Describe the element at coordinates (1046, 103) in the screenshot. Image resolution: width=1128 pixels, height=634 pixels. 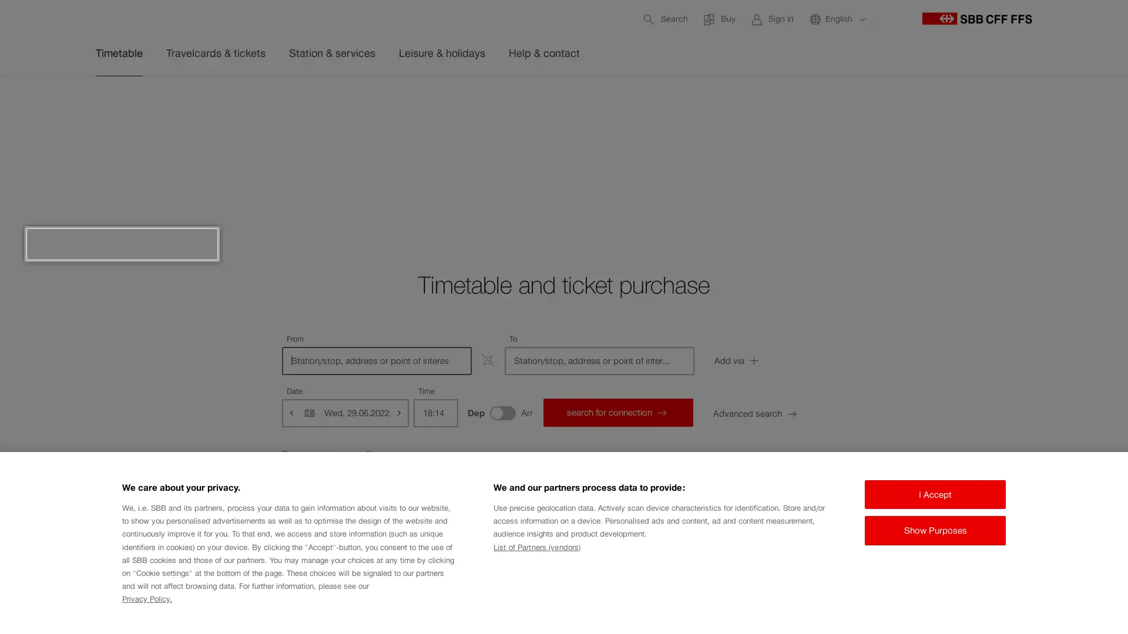
I see `Close active menu item Help & contact.` at that location.